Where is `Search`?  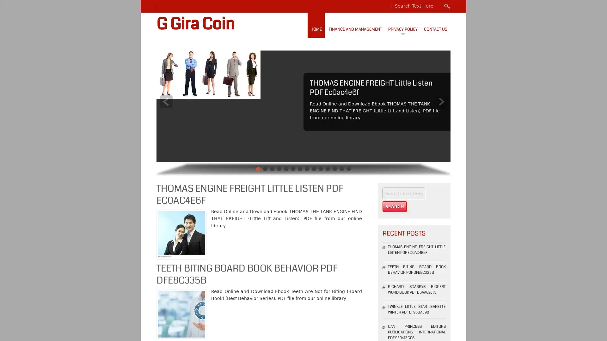 Search is located at coordinates (394, 206).